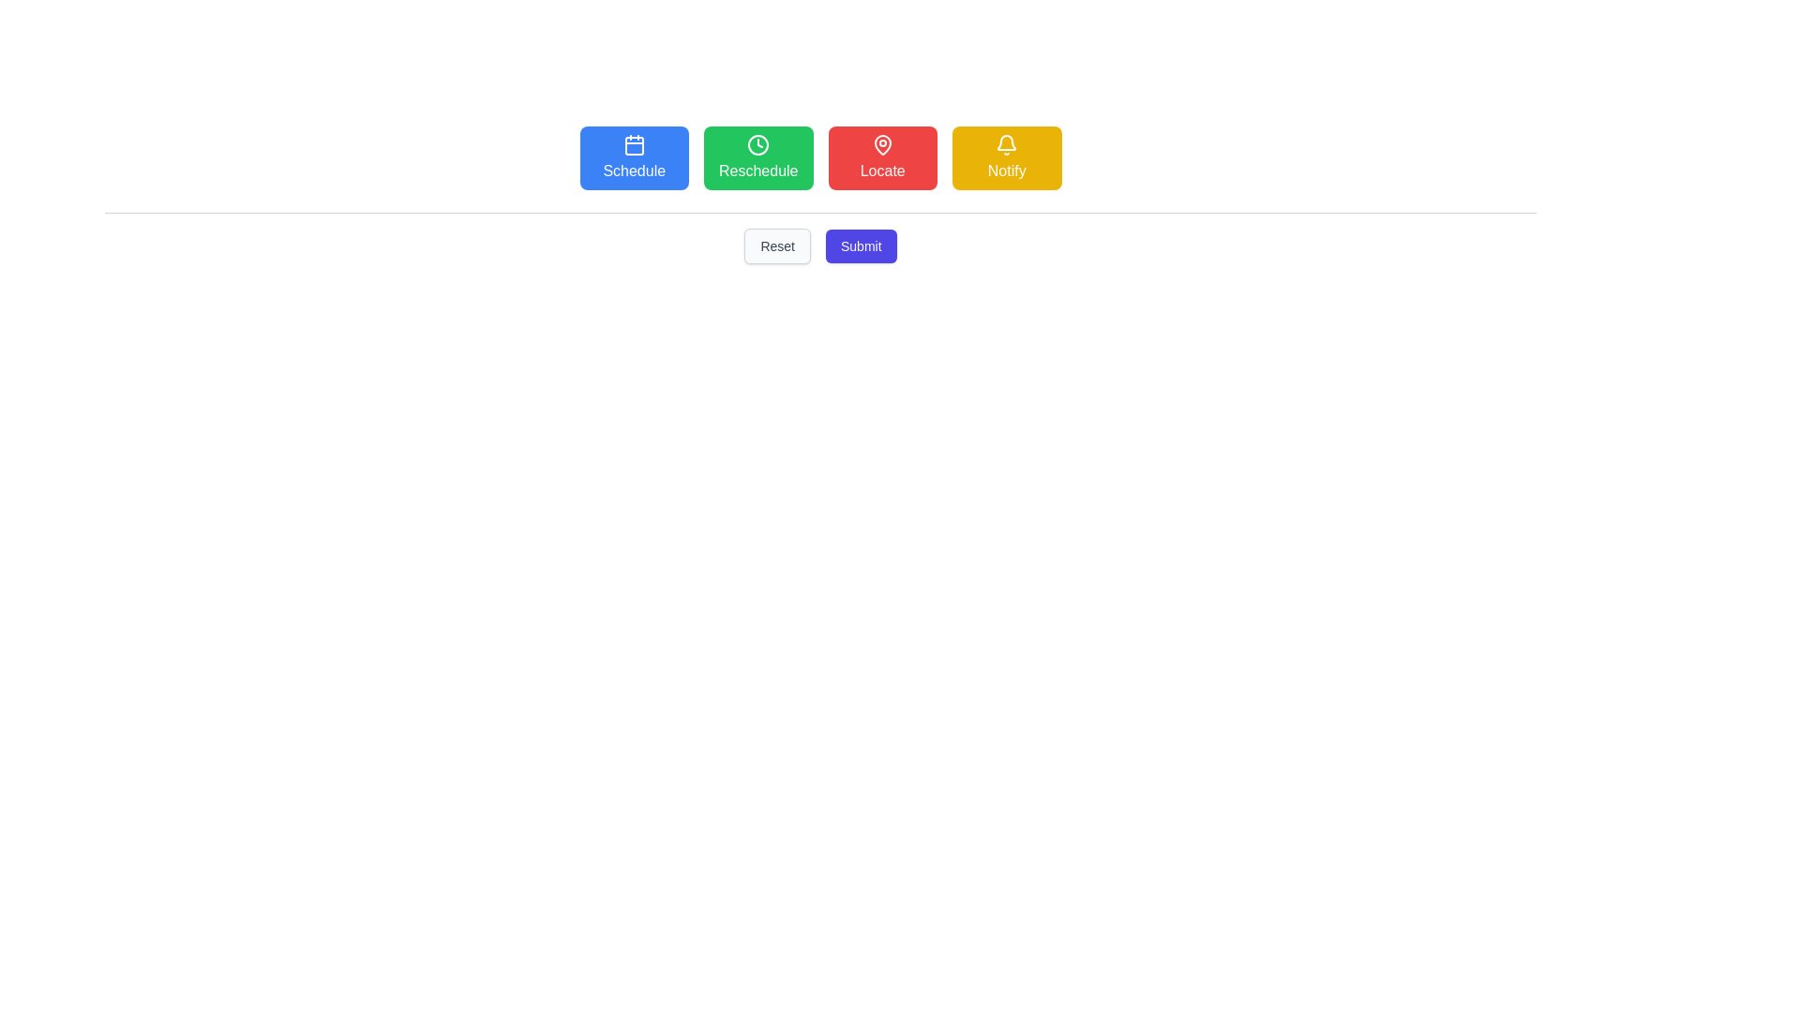  I want to click on the green rounded button labeled 'Reschedule' that is positioned between the 'Schedule' and 'Locate' buttons in the grid layout, so click(758, 157).